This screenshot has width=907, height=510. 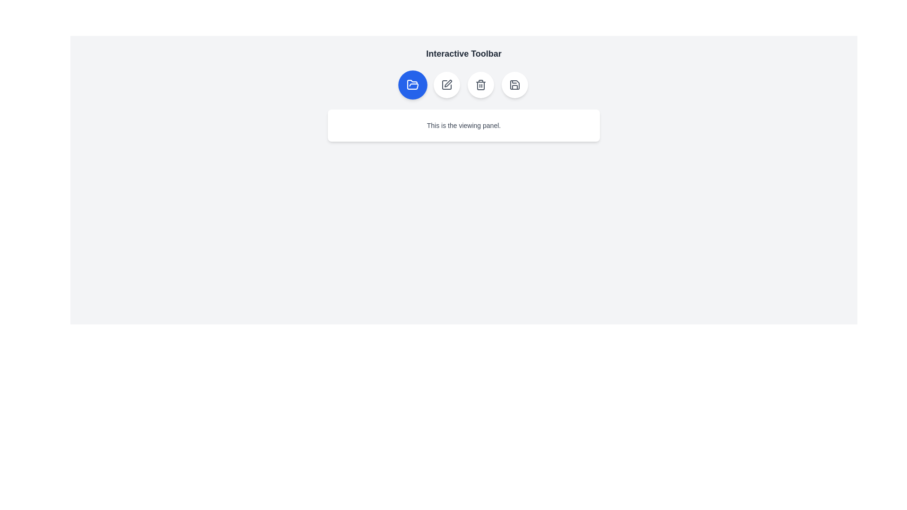 I want to click on the circular edit button with a white background and gray border located at the top-center of the interface, so click(x=446, y=85).